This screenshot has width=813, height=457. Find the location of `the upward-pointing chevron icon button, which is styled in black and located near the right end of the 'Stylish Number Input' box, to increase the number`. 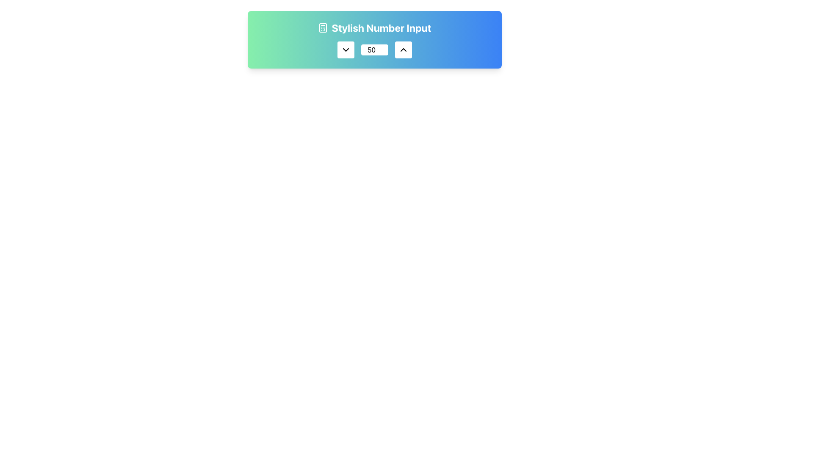

the upward-pointing chevron icon button, which is styled in black and located near the right end of the 'Stylish Number Input' box, to increase the number is located at coordinates (403, 50).